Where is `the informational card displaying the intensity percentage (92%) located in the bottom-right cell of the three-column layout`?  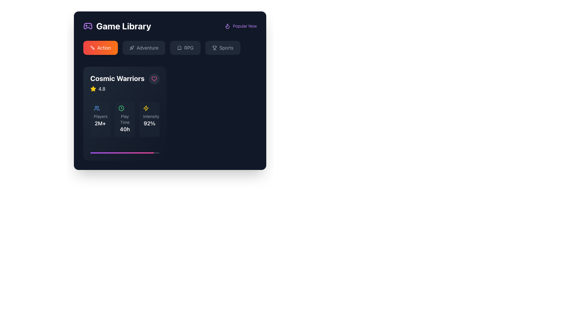 the informational card displaying the intensity percentage (92%) located in the bottom-right cell of the three-column layout is located at coordinates (149, 119).